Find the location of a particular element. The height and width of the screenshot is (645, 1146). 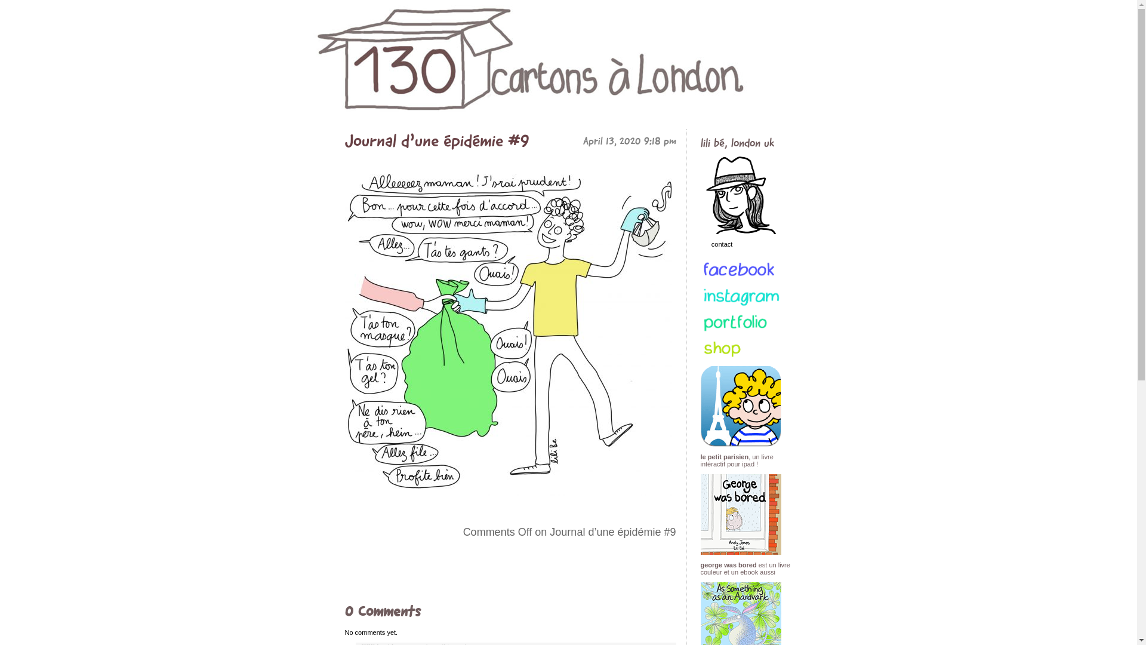

'      contact' is located at coordinates (746, 272).